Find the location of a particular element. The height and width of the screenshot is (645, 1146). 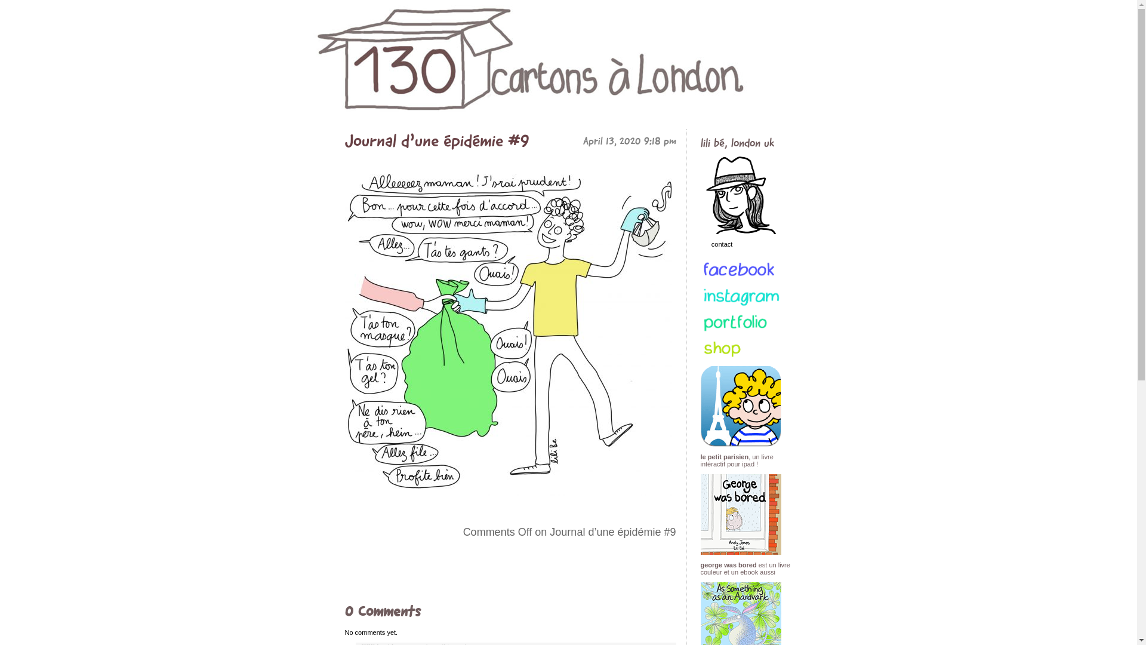

'      contact' is located at coordinates (746, 272).